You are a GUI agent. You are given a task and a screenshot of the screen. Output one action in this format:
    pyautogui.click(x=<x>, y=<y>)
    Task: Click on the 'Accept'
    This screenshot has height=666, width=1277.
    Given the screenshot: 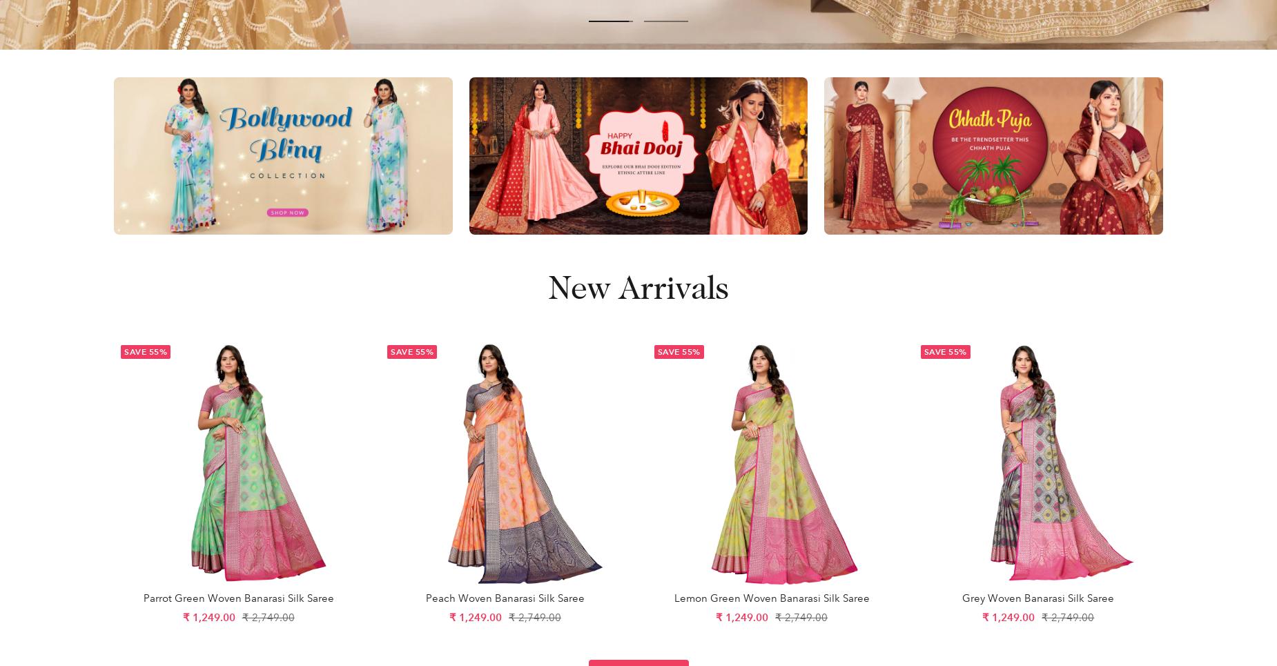 What is the action you would take?
    pyautogui.click(x=1008, y=650)
    